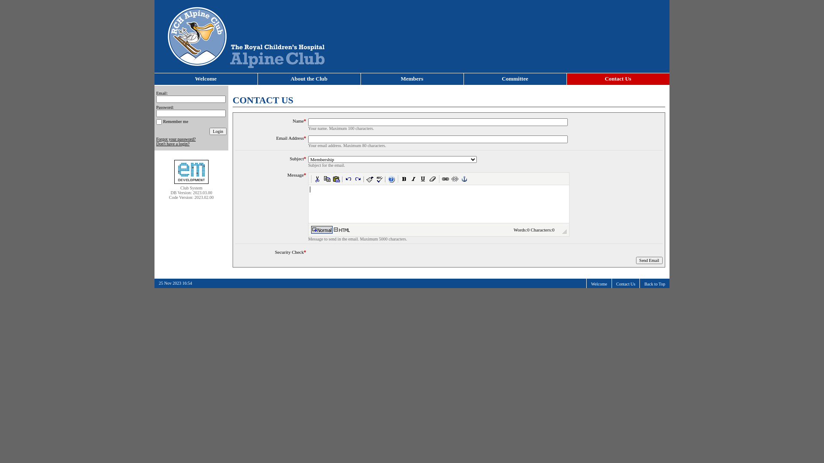 This screenshot has width=824, height=463. I want to click on 'Welcome', so click(599, 284).